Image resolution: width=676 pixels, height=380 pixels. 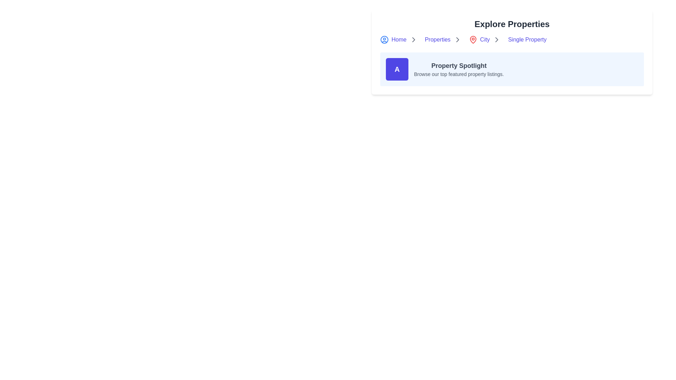 I want to click on the interactive hyperlink with an icon located in the breadcrumb navigation section to underline the text, so click(x=479, y=39).